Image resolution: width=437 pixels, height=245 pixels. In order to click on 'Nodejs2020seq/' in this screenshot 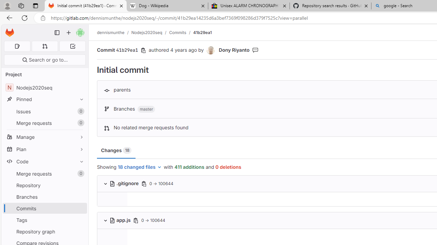, I will do `click(150, 32)`.